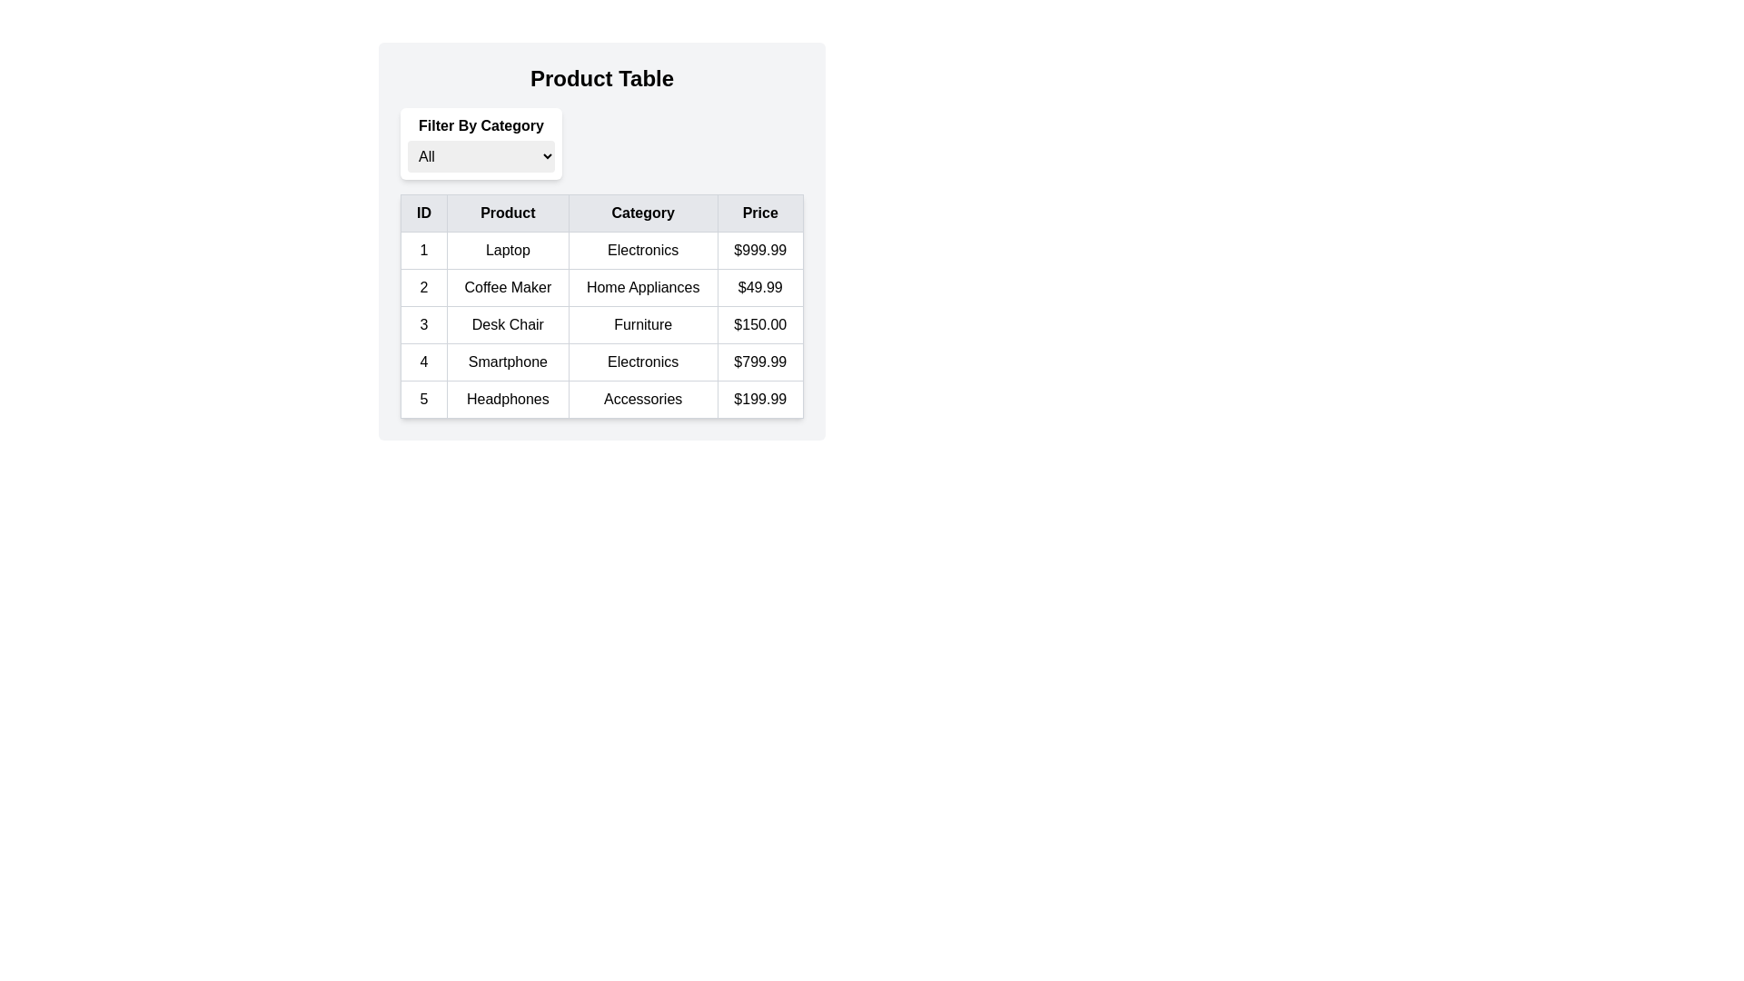 The image size is (1744, 981). What do you see at coordinates (422, 362) in the screenshot?
I see `the static text table cell representing the identifier of the fourth row in the product information data grid, which corresponds to the product 'Smartphone'` at bounding box center [422, 362].